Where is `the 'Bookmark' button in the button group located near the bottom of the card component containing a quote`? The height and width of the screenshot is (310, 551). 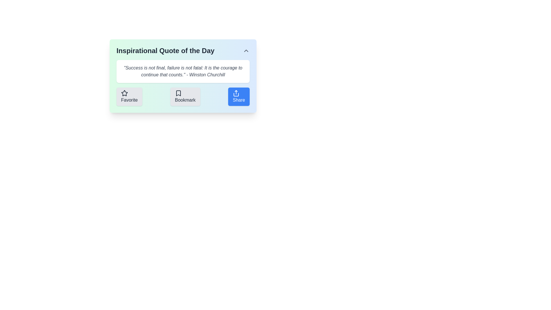
the 'Bookmark' button in the button group located near the bottom of the card component containing a quote is located at coordinates (183, 96).